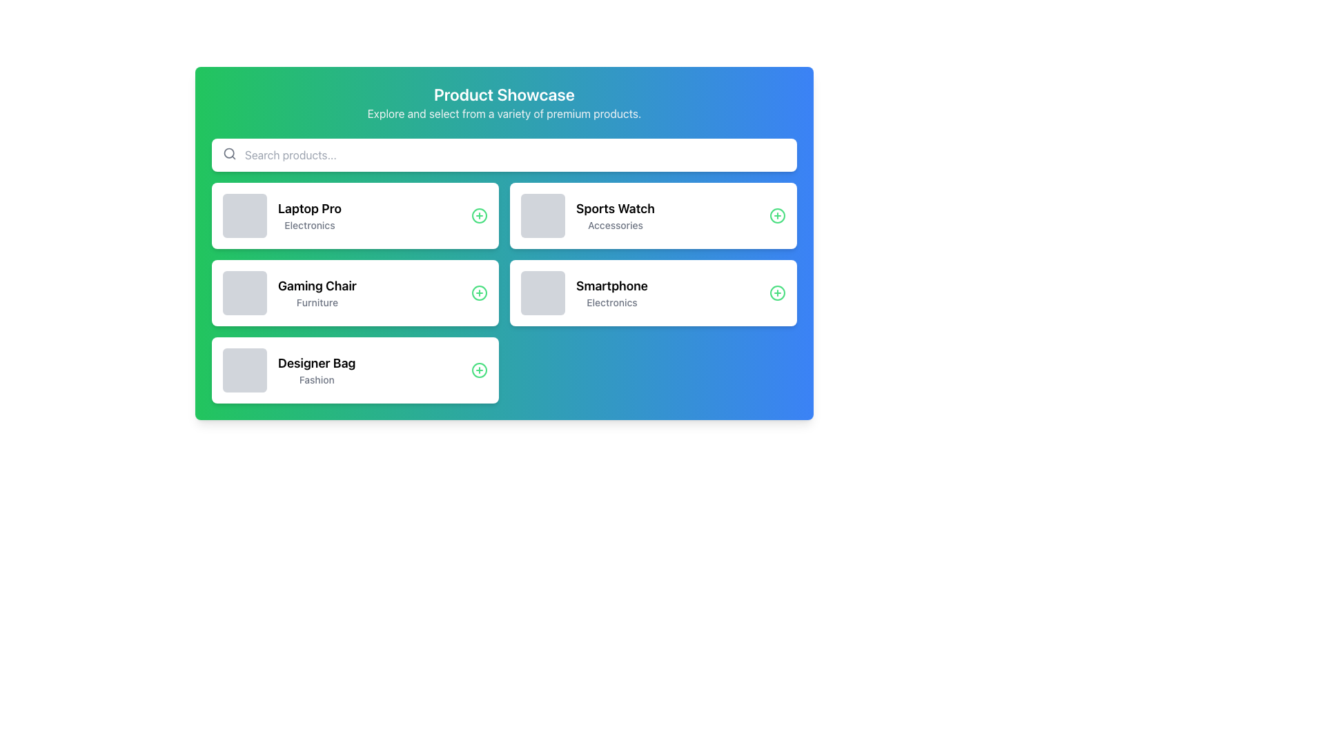 The width and height of the screenshot is (1325, 745). Describe the element at coordinates (229, 153) in the screenshot. I see `the inner circular part of the search icon, which visually represents the search function, located to the left of the search input field in the top section of a content card` at that location.